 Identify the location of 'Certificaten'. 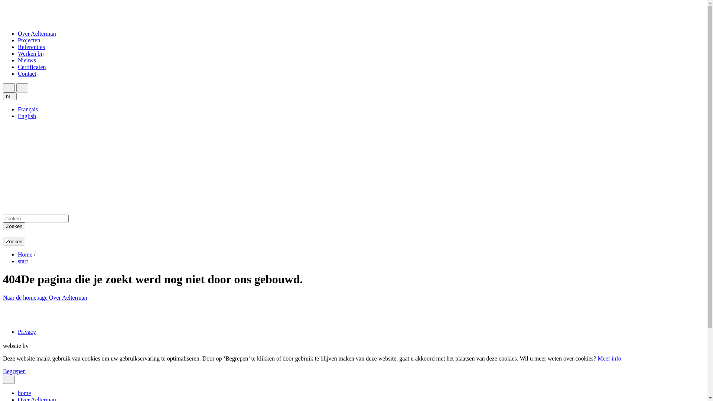
(32, 67).